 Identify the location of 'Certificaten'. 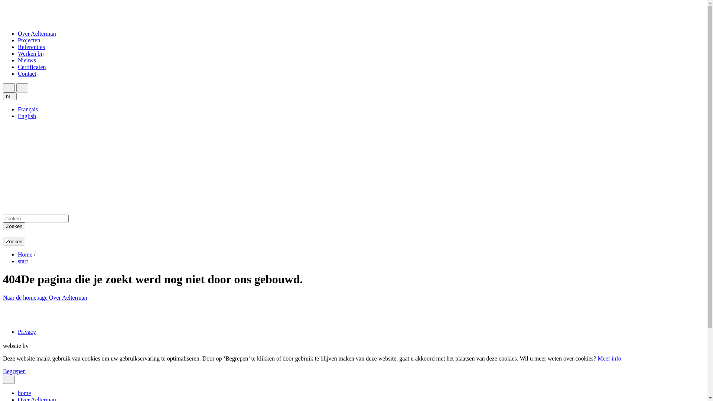
(32, 67).